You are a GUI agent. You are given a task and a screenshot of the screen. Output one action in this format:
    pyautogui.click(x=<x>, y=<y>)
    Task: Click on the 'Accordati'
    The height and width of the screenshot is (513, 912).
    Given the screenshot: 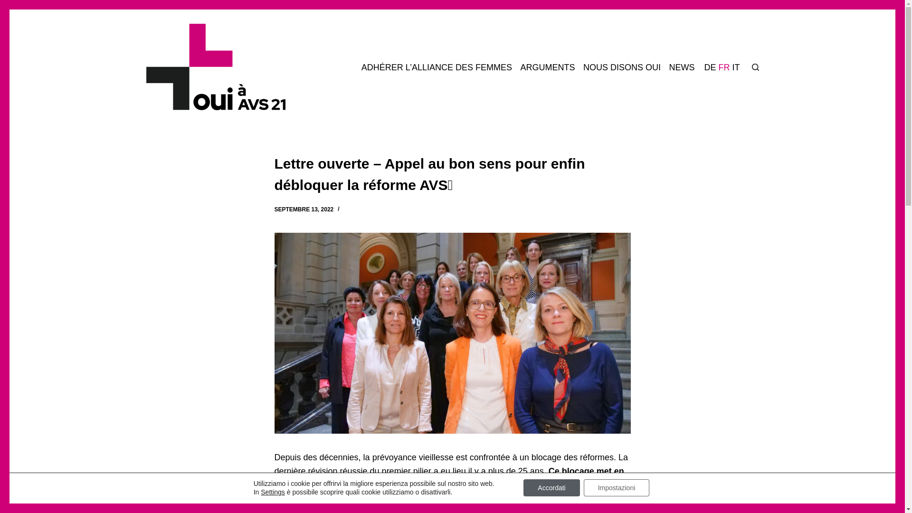 What is the action you would take?
    pyautogui.click(x=551, y=487)
    